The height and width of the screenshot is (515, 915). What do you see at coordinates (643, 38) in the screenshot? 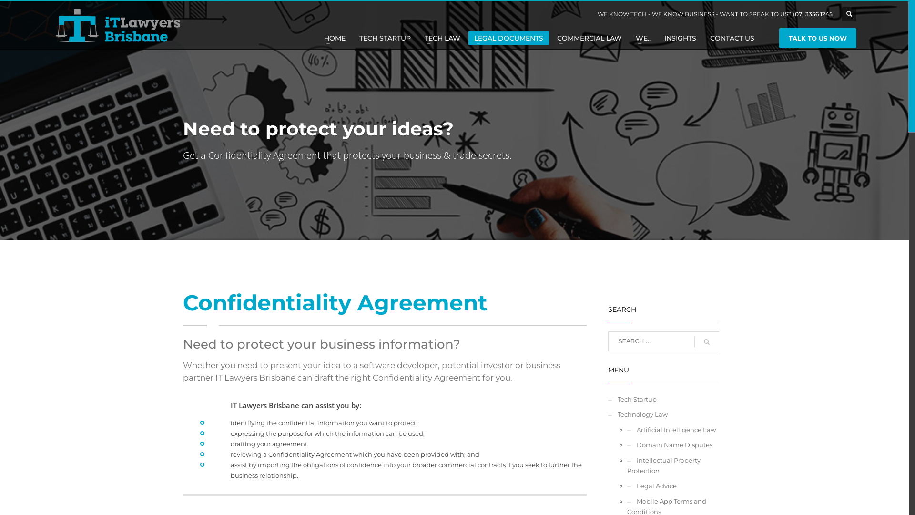
I see `'WE..'` at bounding box center [643, 38].